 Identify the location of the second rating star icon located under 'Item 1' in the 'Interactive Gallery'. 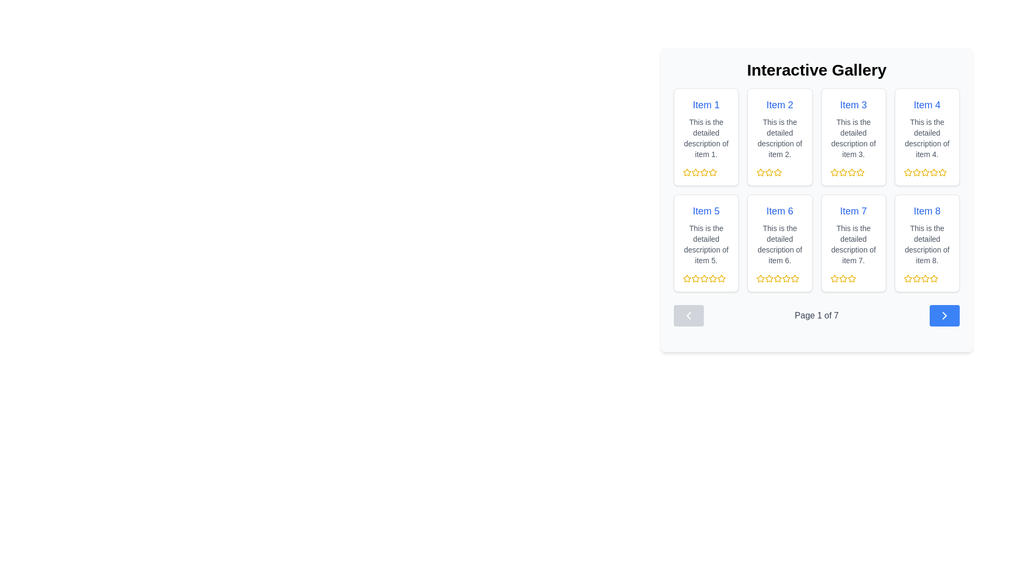
(695, 172).